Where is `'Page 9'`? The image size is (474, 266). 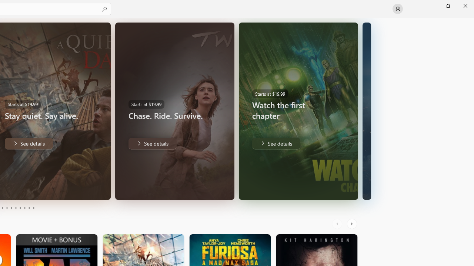 'Page 9' is located at coordinates (29, 208).